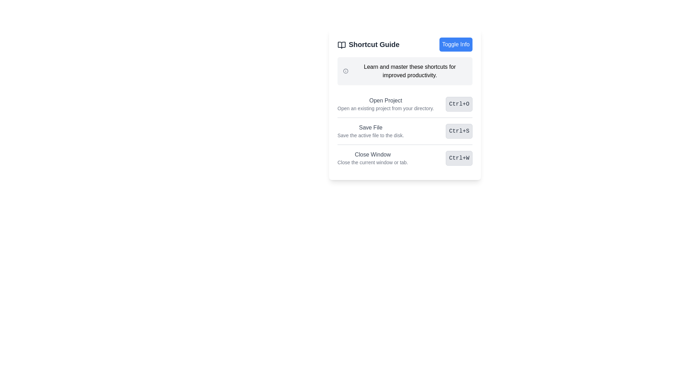 Image resolution: width=675 pixels, height=379 pixels. I want to click on the Text label displaying the shortcut key combination 'Ctrl+W' for closing the current window, which is the third button in the vertical list of the shortcut guide panel, so click(459, 158).